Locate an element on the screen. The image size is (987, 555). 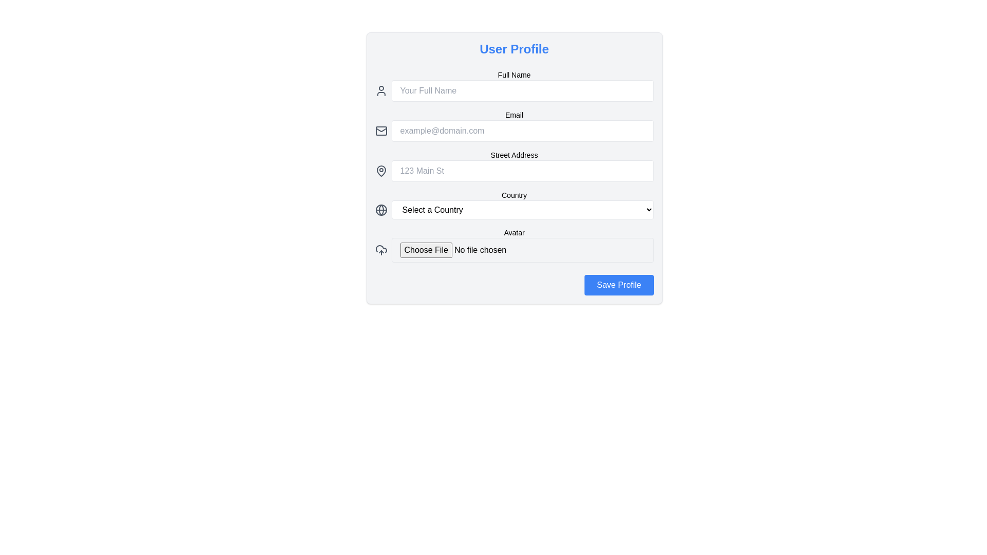
the Static Text element that serves as the title of the user profile form, located at the top center of the form, above the fields for 'Full Name' and 'Email' is located at coordinates (514, 49).